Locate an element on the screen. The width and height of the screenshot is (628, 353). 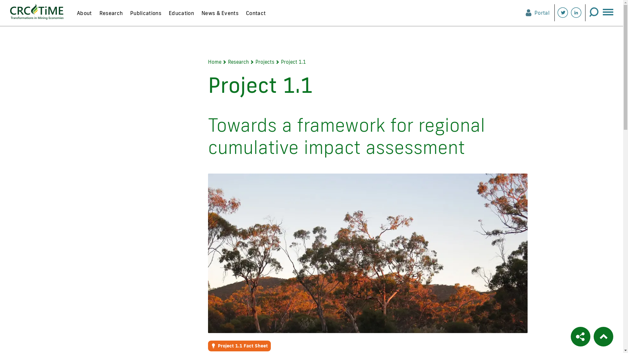
'About' is located at coordinates (74, 16).